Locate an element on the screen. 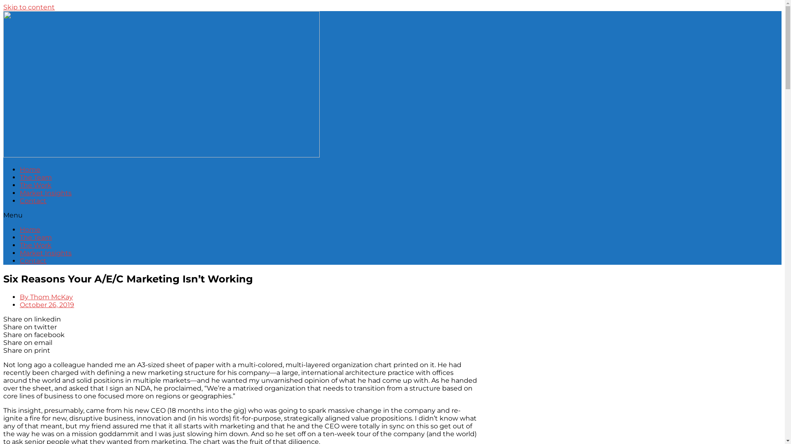 This screenshot has width=791, height=444. 'Market Insights' is located at coordinates (45, 252).